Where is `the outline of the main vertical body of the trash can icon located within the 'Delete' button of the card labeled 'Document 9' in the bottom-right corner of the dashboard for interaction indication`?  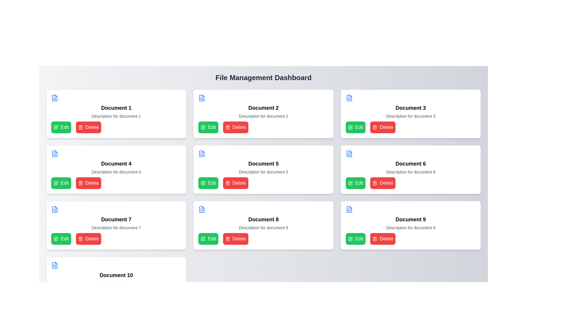 the outline of the main vertical body of the trash can icon located within the 'Delete' button of the card labeled 'Document 9' in the bottom-right corner of the dashboard for interaction indication is located at coordinates (375, 239).